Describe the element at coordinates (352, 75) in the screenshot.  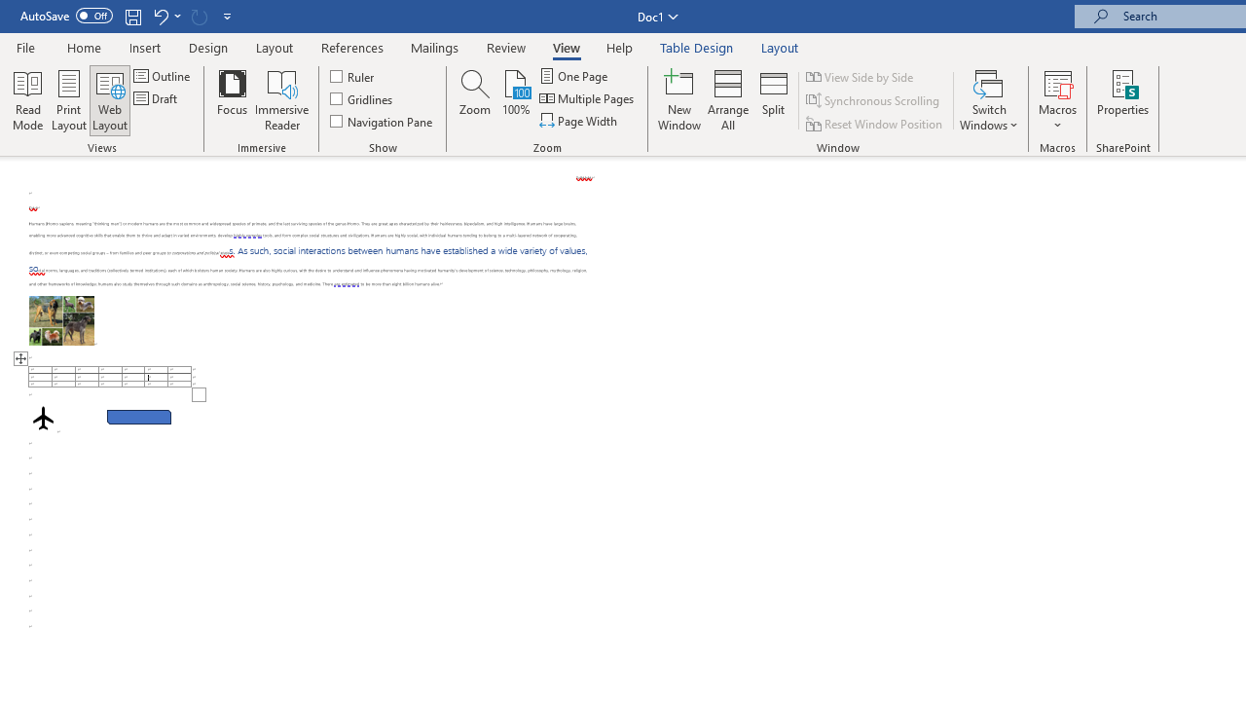
I see `'Ruler'` at that location.